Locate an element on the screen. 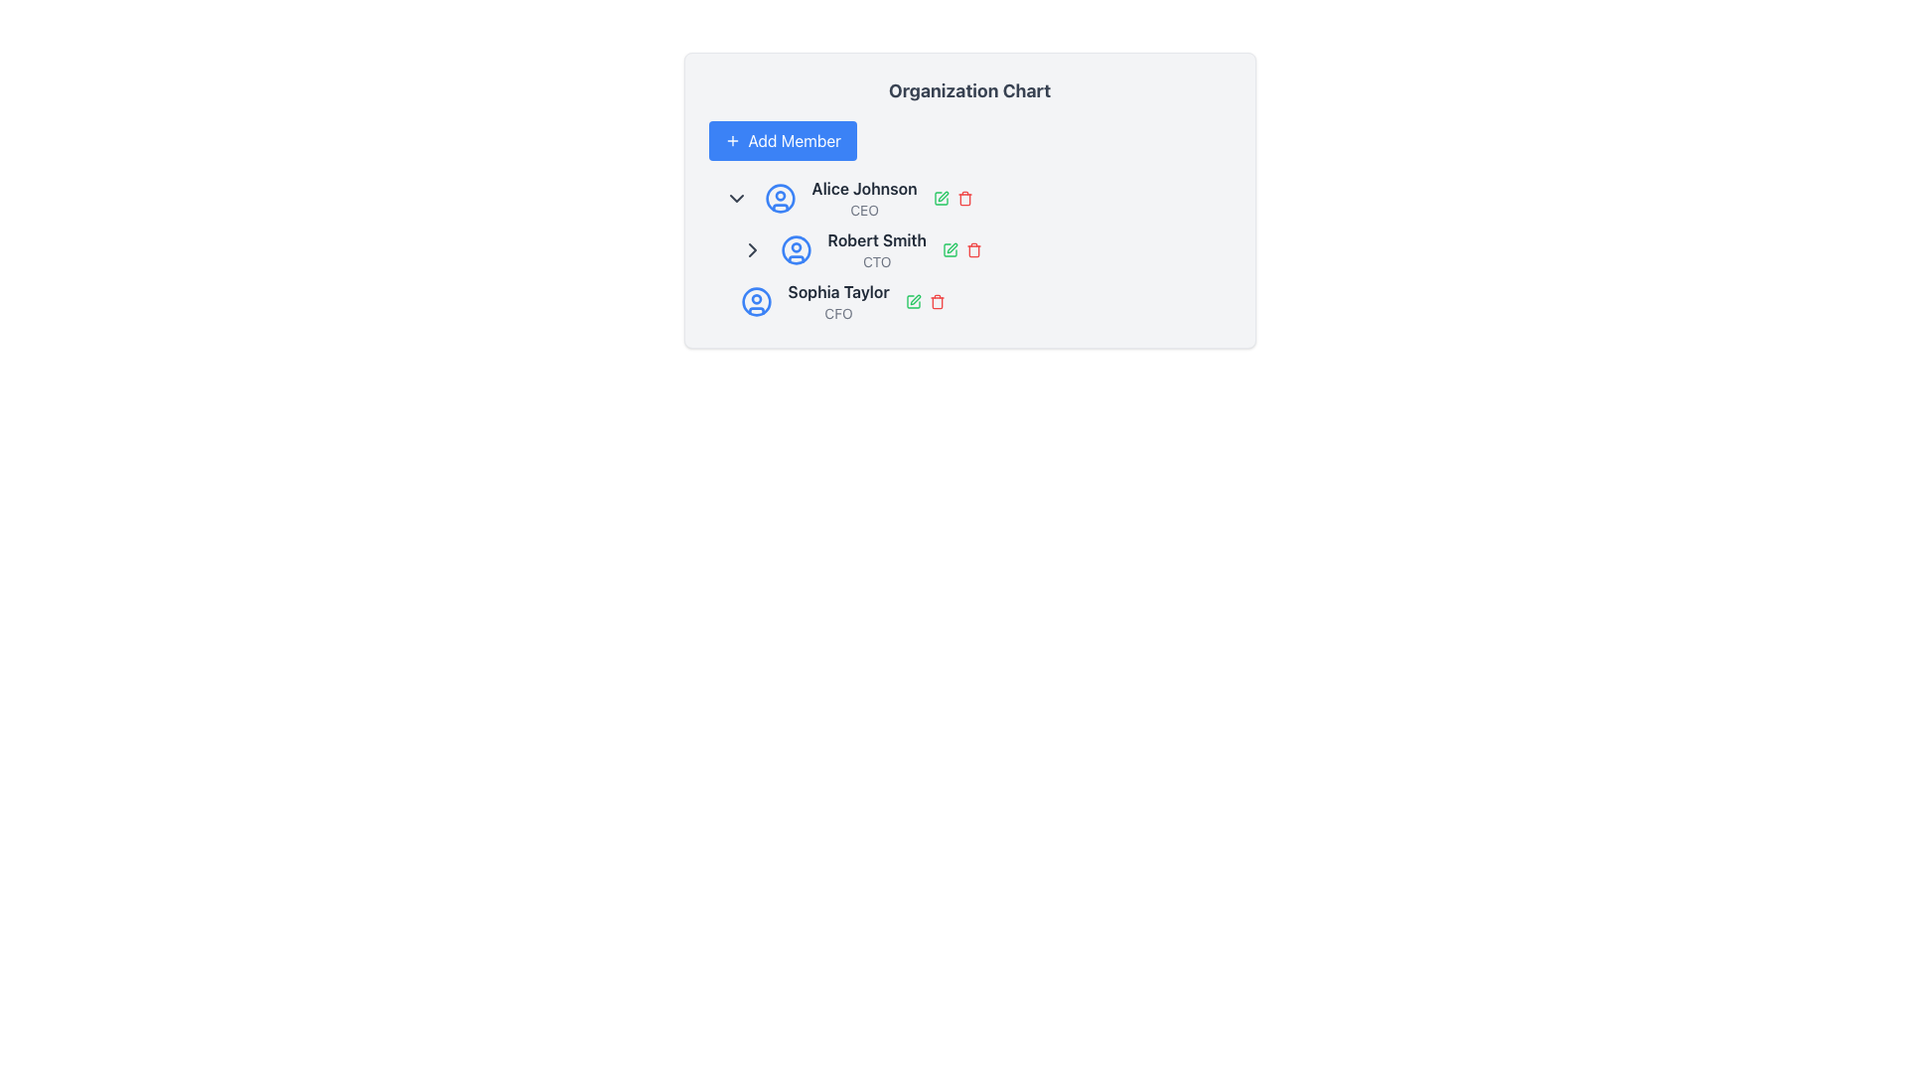  the Static Text Label displaying 'Robert Smith', which is styled in bold, dark gray color, positioned centrally in the organization chart interface below 'Alice Johnson' and above 'Sophia Taylor' is located at coordinates (876, 239).